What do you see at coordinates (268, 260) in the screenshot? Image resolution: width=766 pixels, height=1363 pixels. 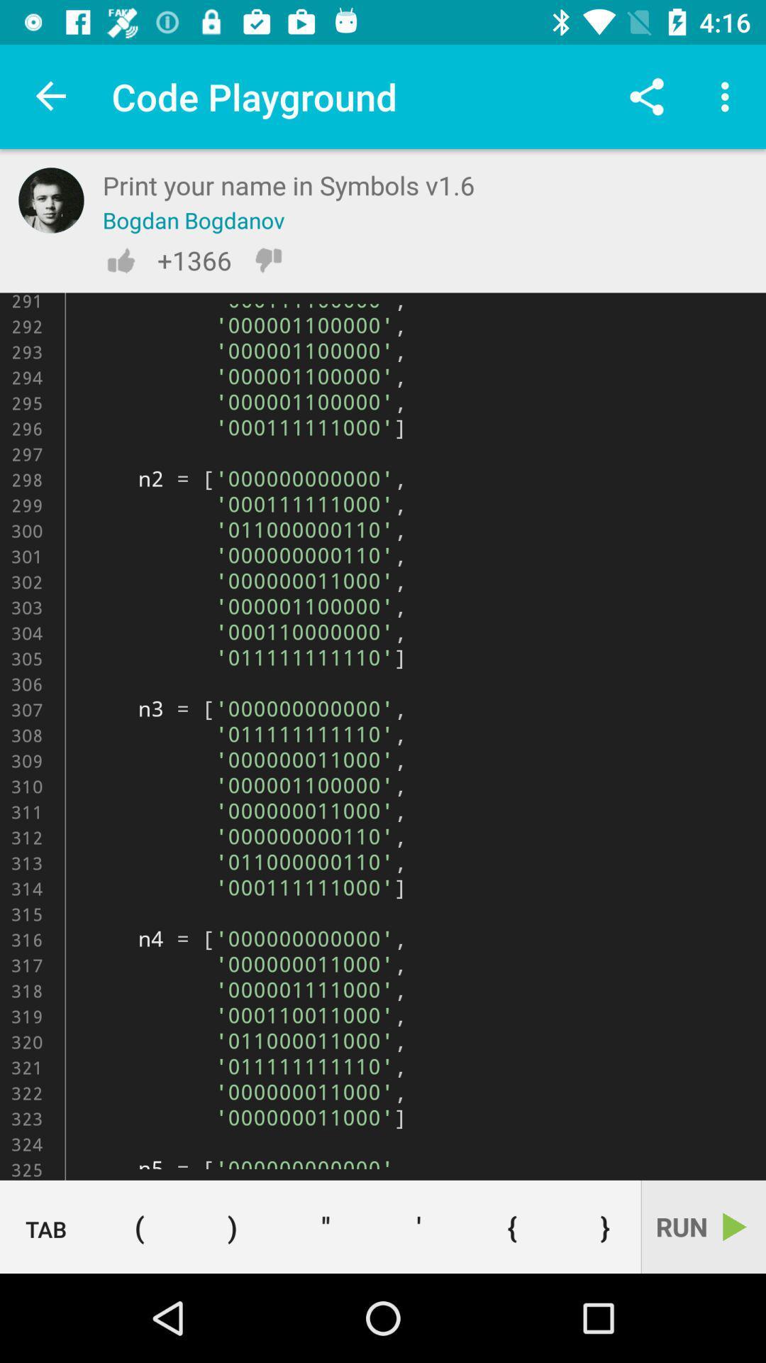 I see `the thumbs_down icon` at bounding box center [268, 260].